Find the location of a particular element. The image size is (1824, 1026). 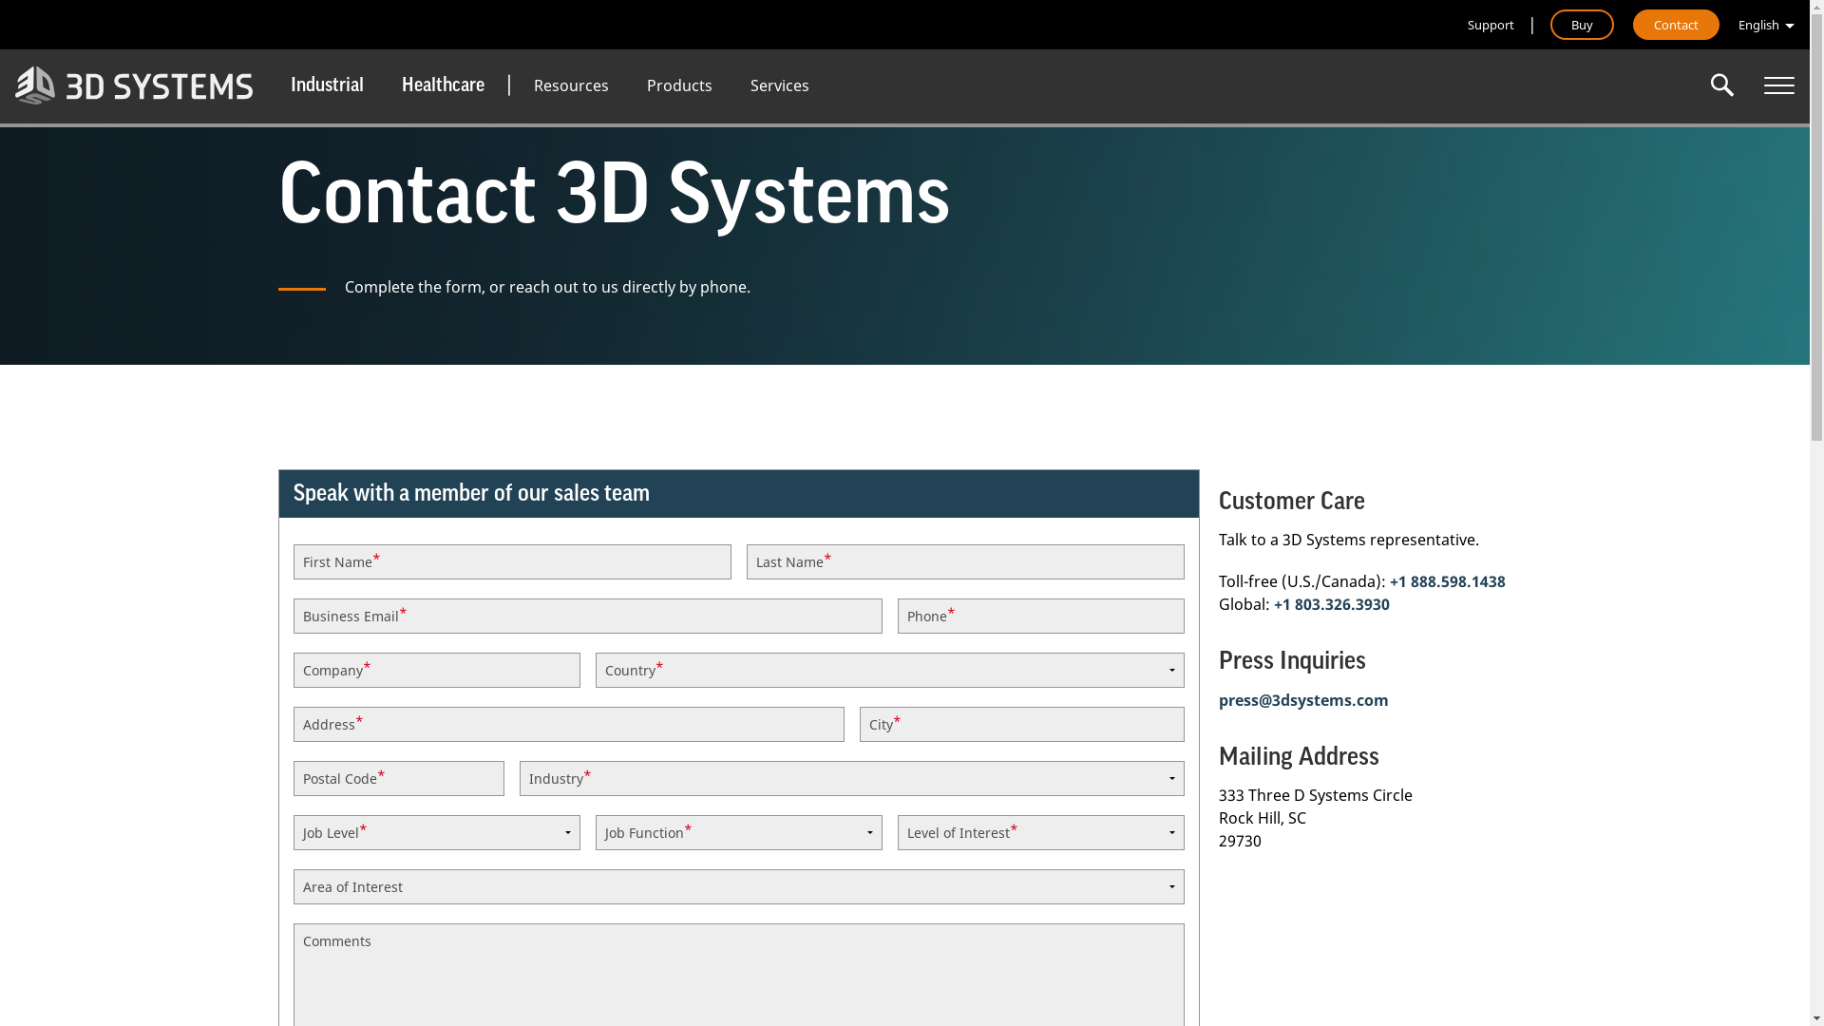

'Healthcare' is located at coordinates (442, 84).